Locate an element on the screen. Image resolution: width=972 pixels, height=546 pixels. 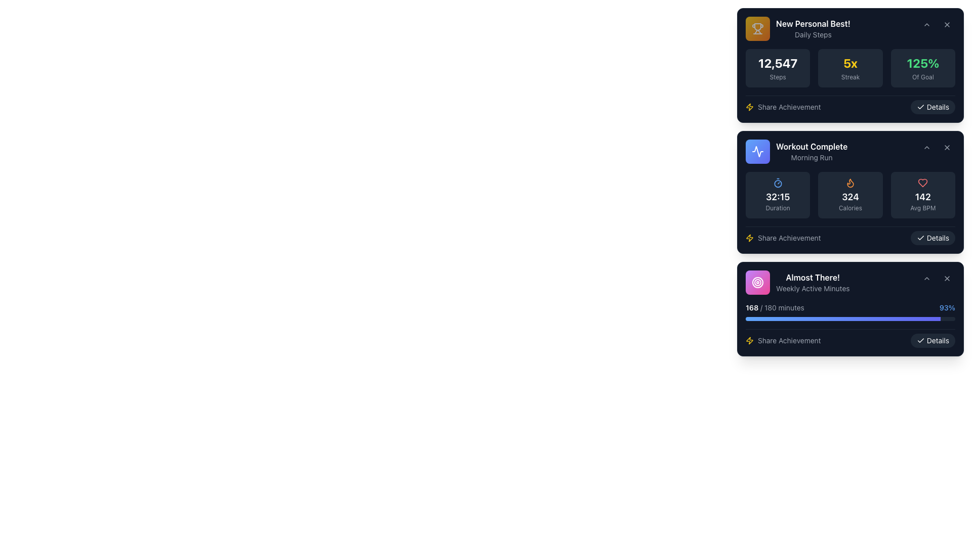
the icon to the left of the 'Share Achievement' text, which represents the 'Share Achievement' action is located at coordinates (750, 238).